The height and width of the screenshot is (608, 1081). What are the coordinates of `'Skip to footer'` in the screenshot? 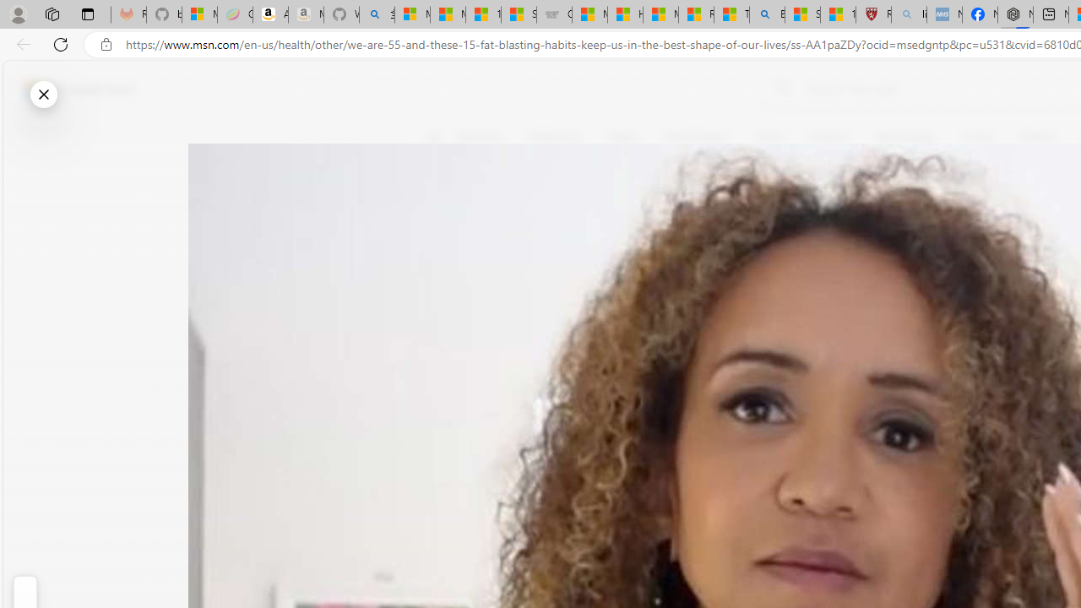 It's located at (68, 89).